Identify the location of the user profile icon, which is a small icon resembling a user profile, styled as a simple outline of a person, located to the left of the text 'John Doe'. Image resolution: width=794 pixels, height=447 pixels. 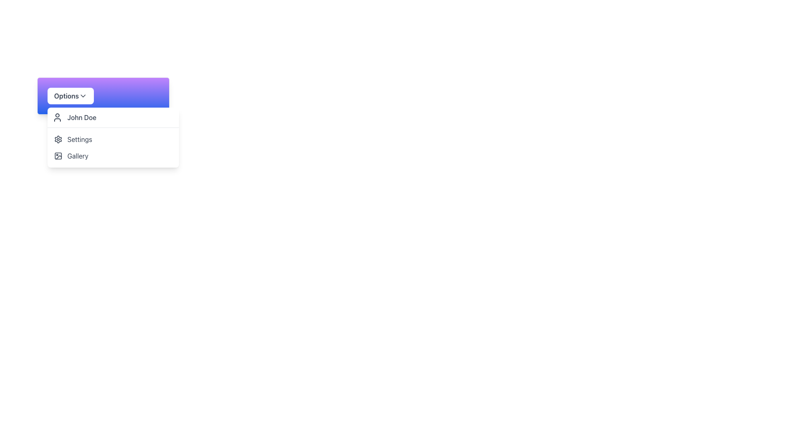
(57, 118).